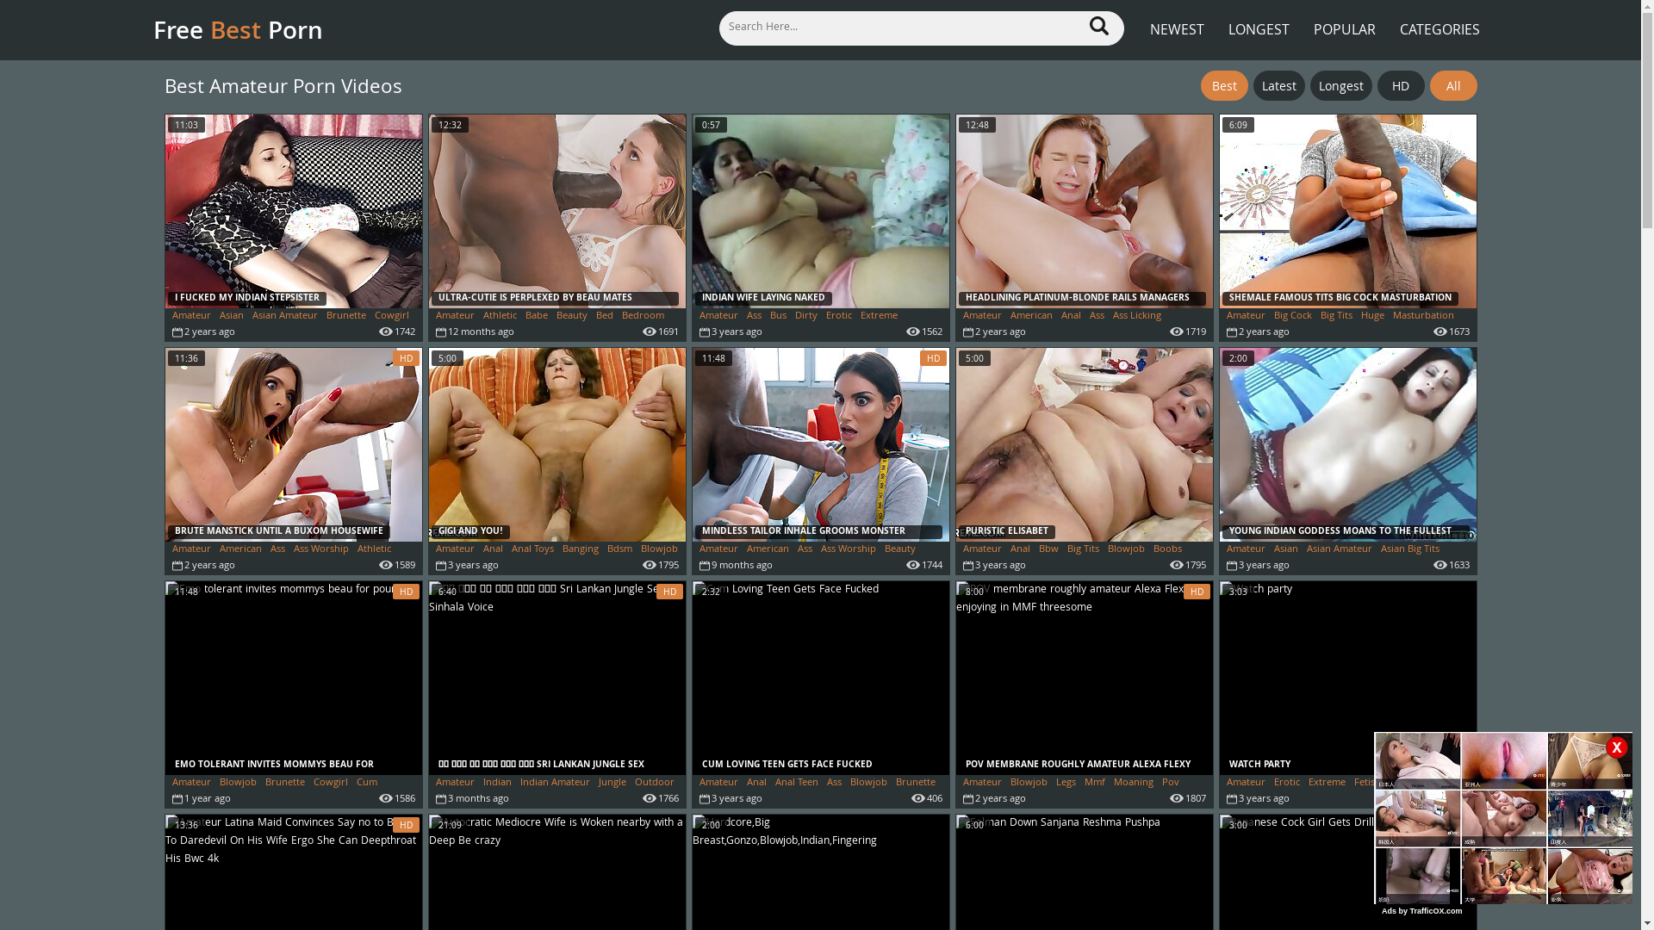 This screenshot has width=1654, height=930. I want to click on 'Amateur', so click(191, 549).